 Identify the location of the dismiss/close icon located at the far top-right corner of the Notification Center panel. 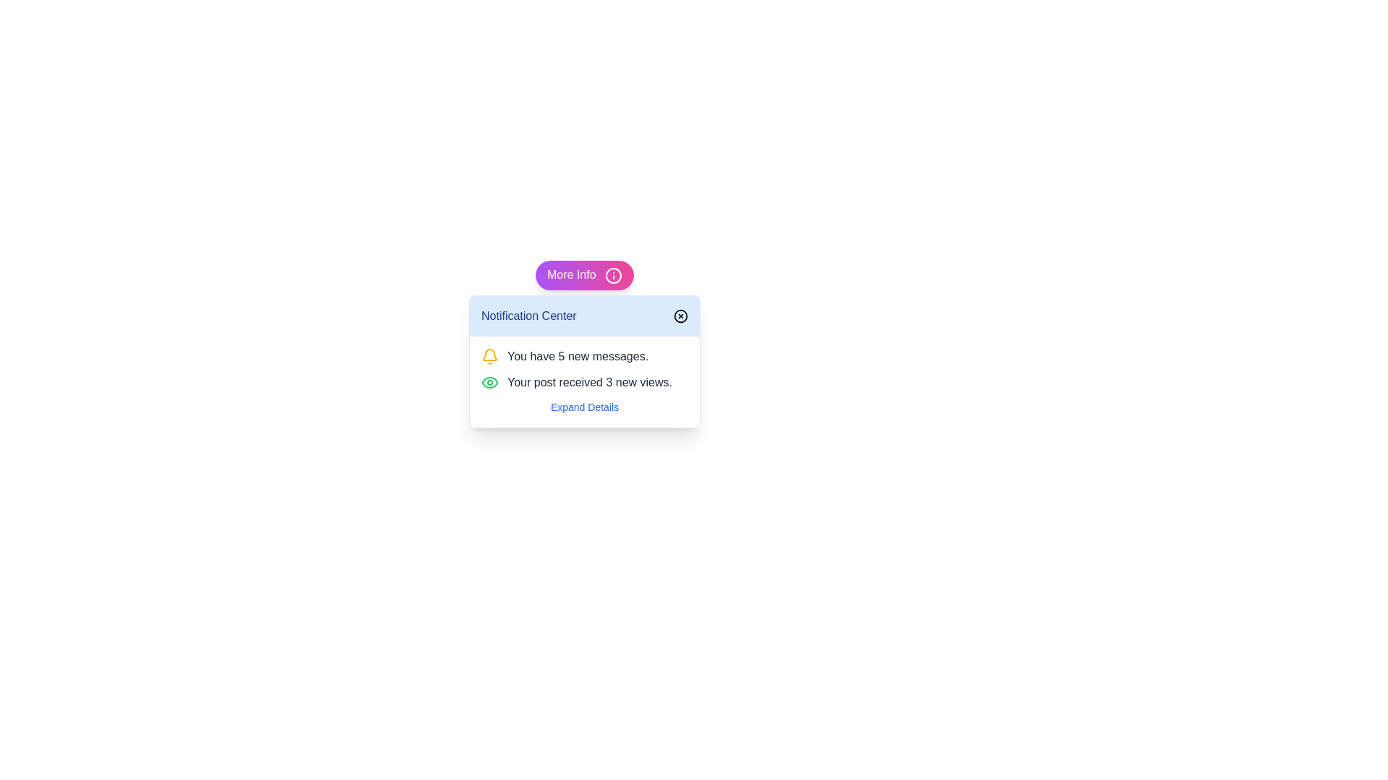
(680, 316).